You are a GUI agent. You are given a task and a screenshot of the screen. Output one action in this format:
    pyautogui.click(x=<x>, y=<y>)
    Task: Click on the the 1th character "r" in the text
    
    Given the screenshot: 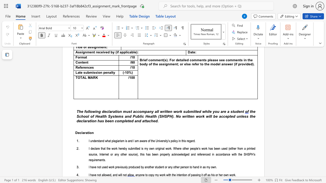 What is the action you would take?
    pyautogui.click(x=115, y=149)
    